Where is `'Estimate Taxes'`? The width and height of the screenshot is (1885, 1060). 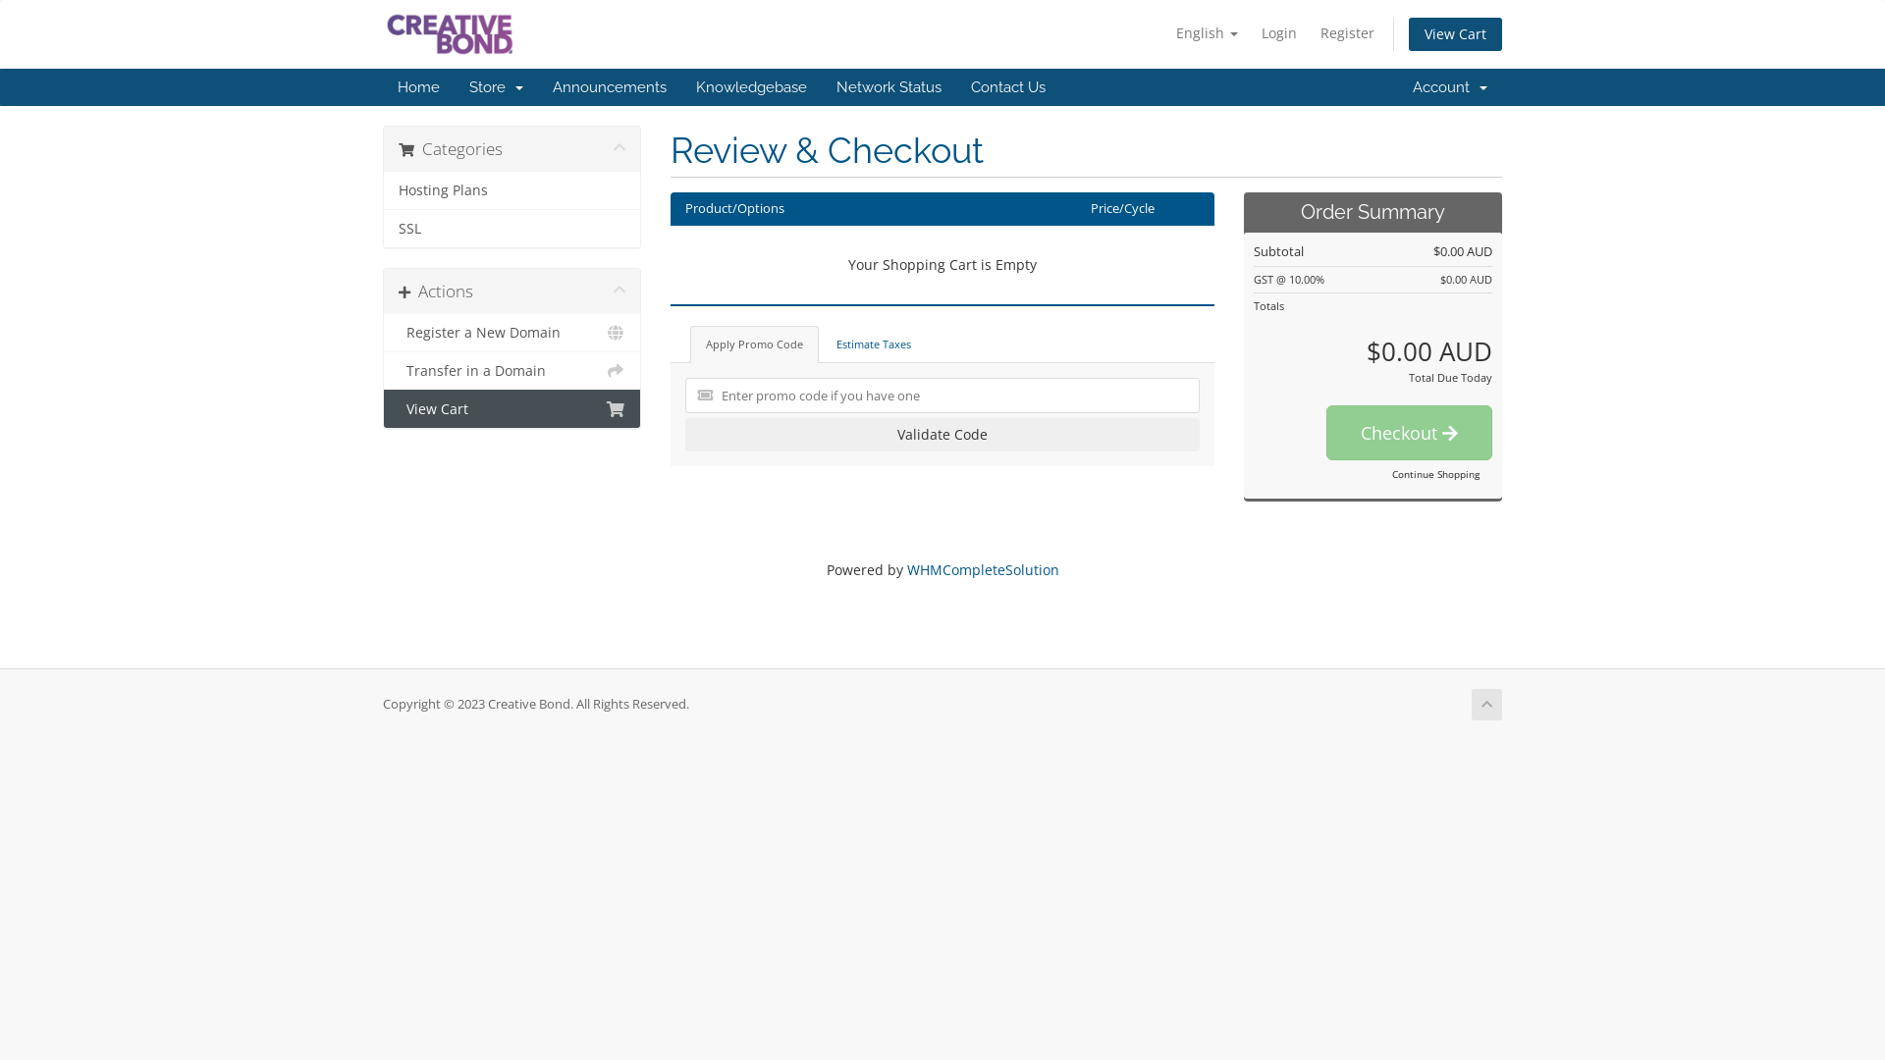
'Estimate Taxes' is located at coordinates (820, 344).